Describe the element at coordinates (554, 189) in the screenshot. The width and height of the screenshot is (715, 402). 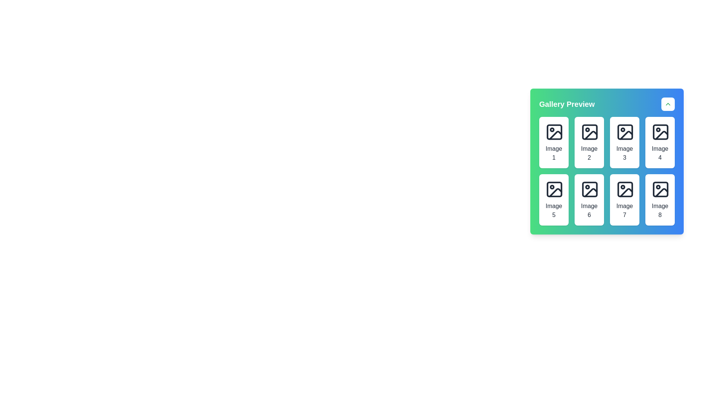
I see `the graphical detail within the 'Image 5' icon, which is a rectangular shape with rounded corners located in the fifth position of the grid layout` at that location.